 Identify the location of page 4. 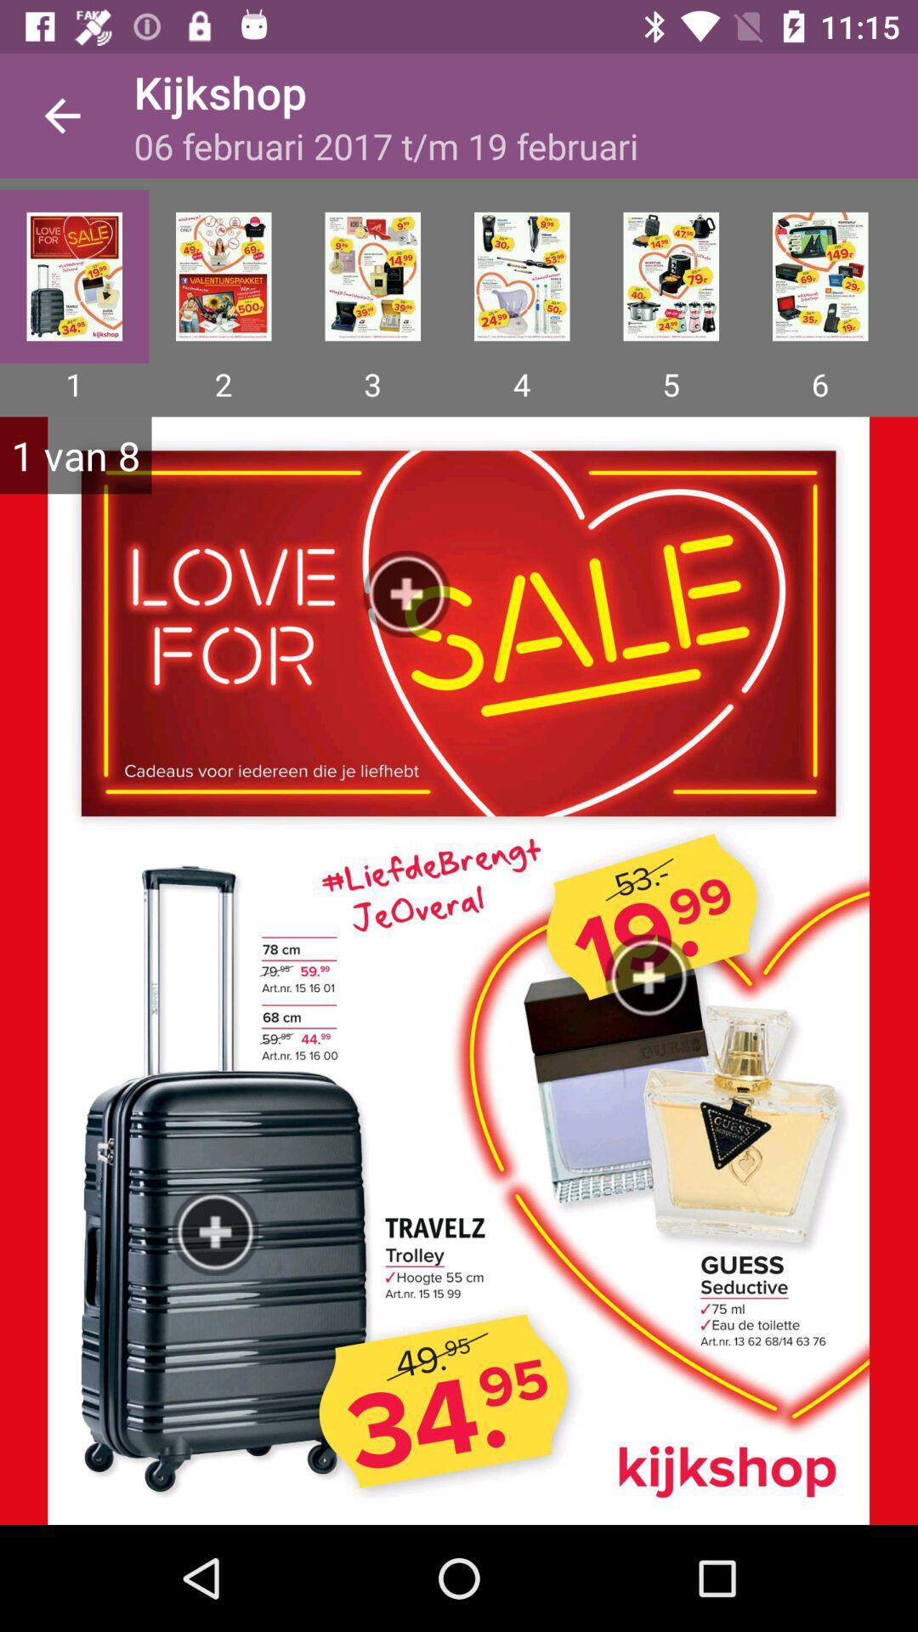
(521, 276).